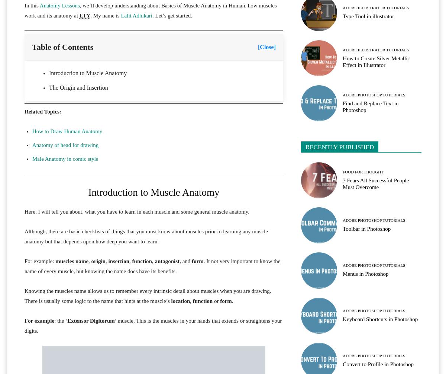 The image size is (446, 374). I want to click on 'Type Tool in illustrator', so click(368, 16).